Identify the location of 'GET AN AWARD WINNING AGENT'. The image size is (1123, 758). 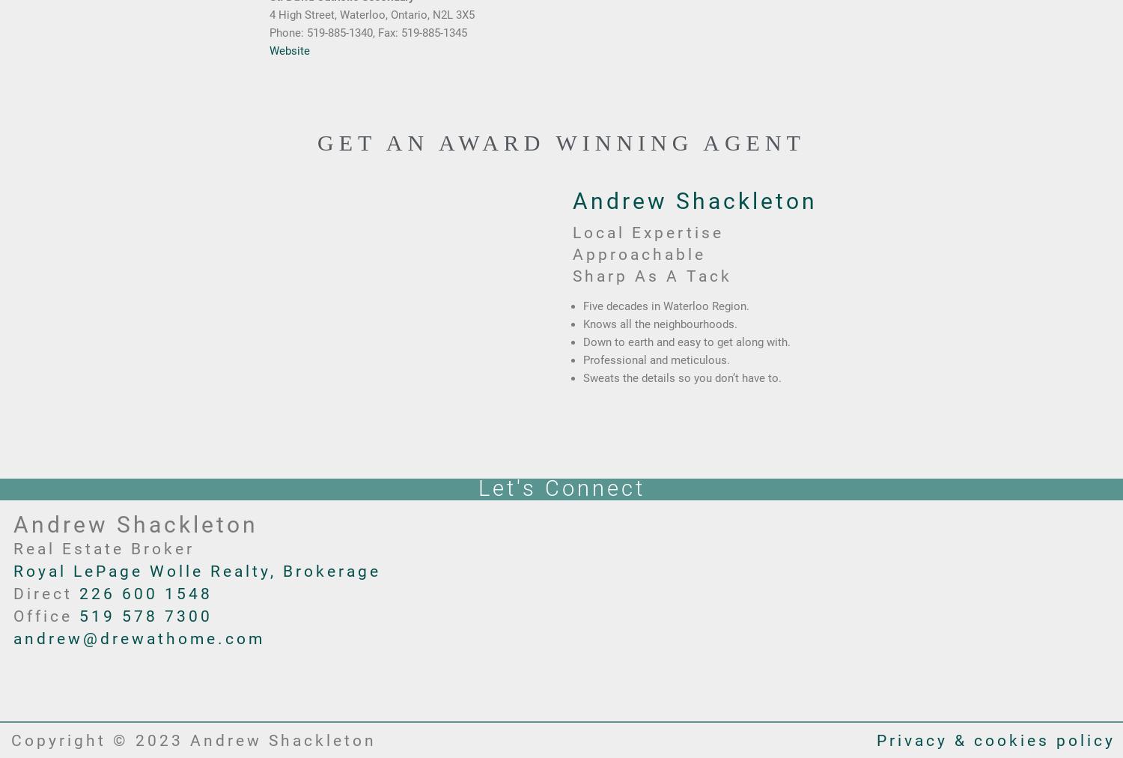
(317, 142).